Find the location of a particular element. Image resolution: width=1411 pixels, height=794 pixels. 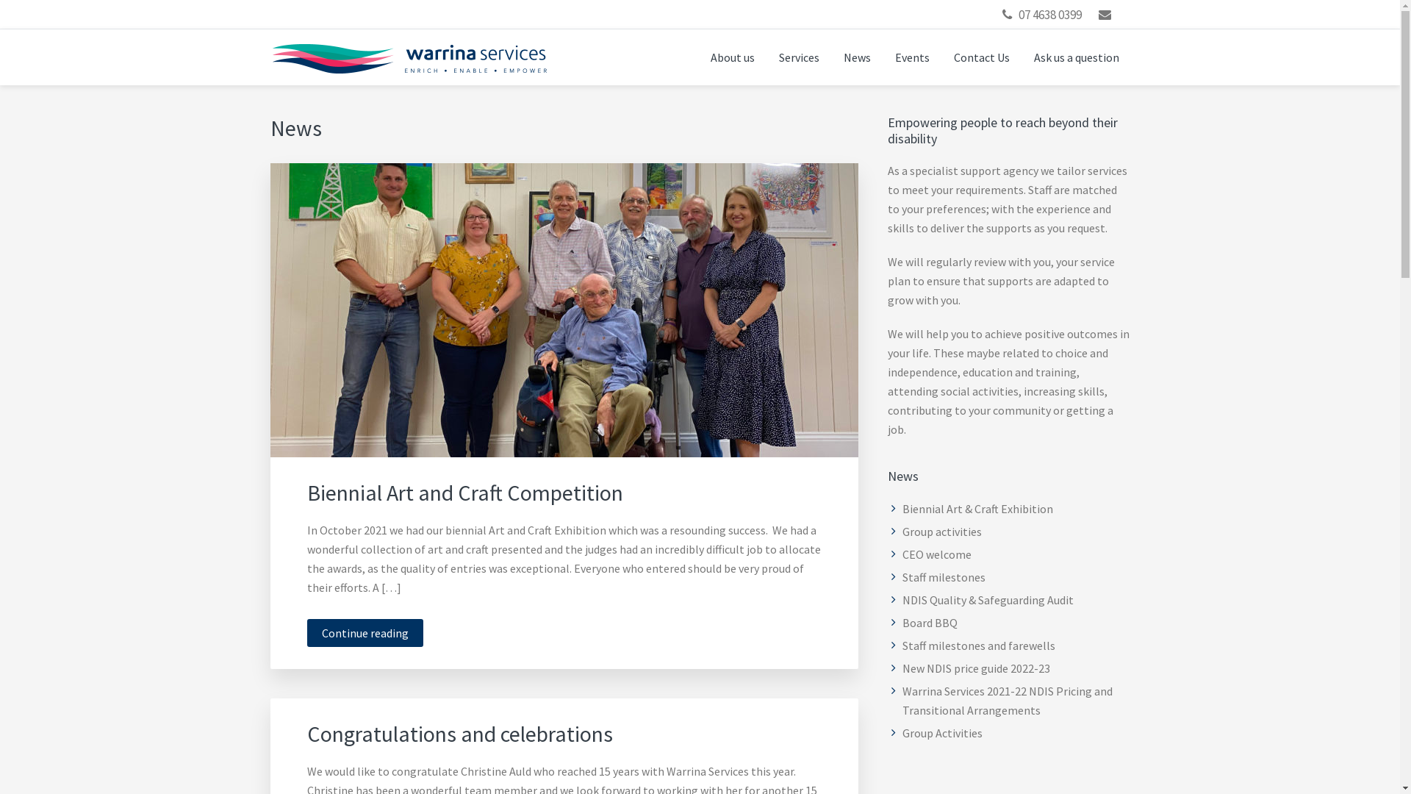

'Biennial Art and Craft Competition' is located at coordinates (464, 493).